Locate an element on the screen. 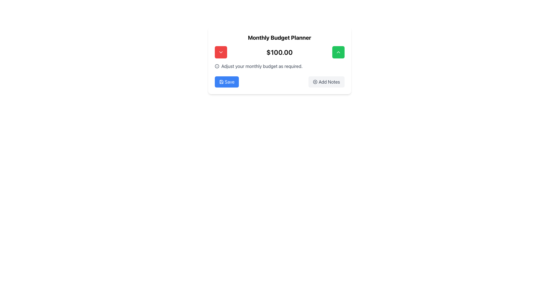  the information icon, represented as a lowercase 'i' within a circle, located to the left of the text 'Adjust your monthly budget as required.' is located at coordinates (216, 66).